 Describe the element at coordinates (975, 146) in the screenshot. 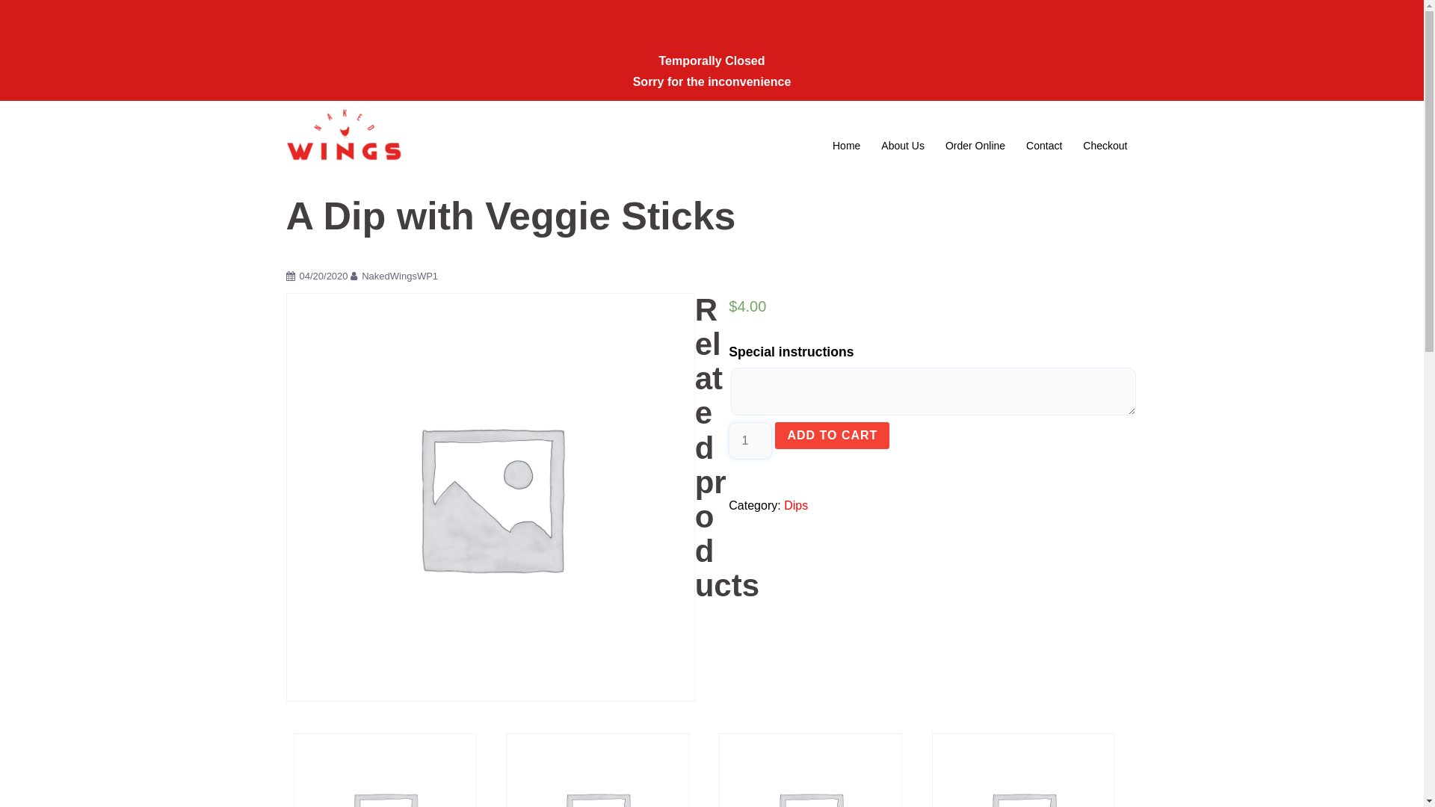

I see `'Order Online'` at that location.